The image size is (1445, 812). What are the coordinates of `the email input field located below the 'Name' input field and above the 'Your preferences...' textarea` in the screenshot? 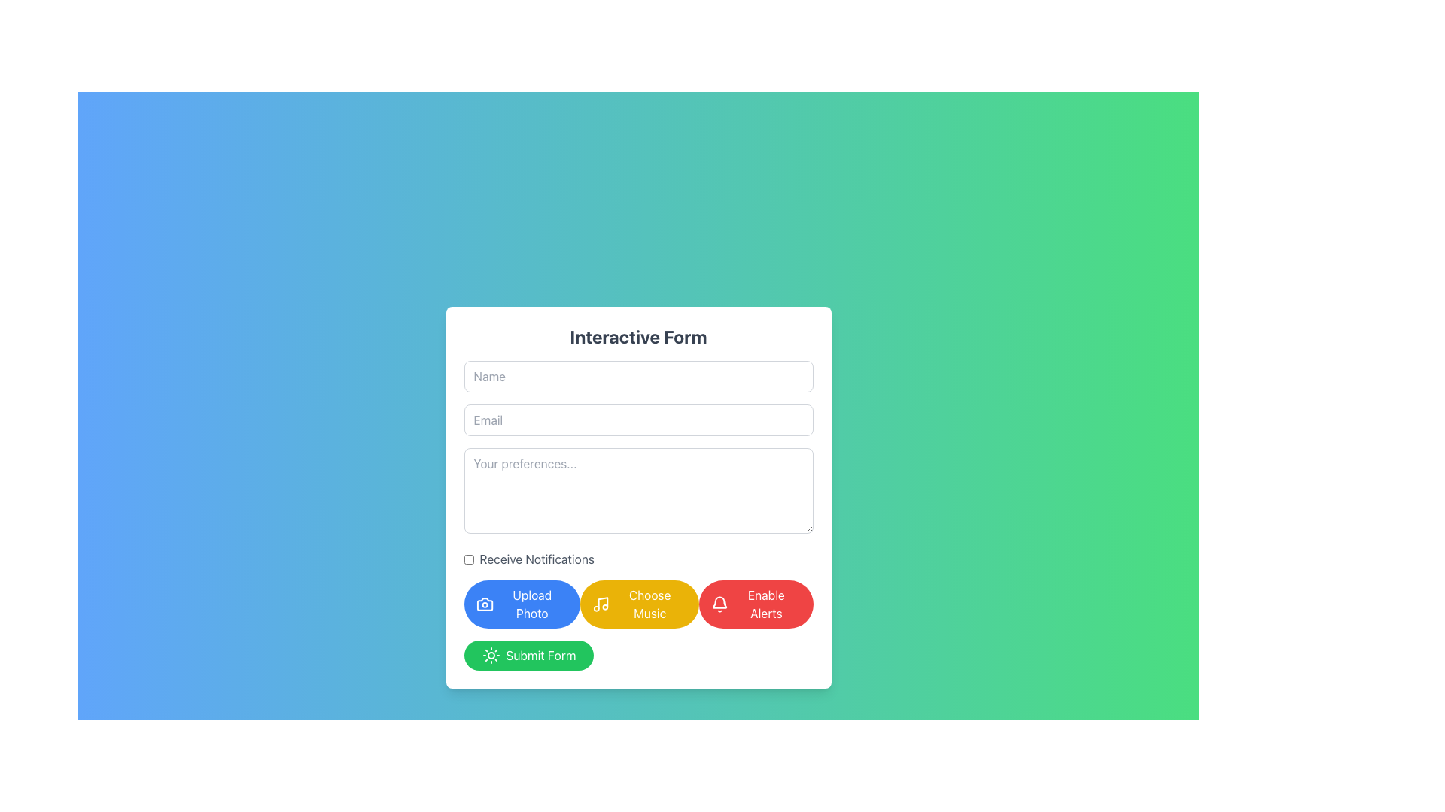 It's located at (638, 420).